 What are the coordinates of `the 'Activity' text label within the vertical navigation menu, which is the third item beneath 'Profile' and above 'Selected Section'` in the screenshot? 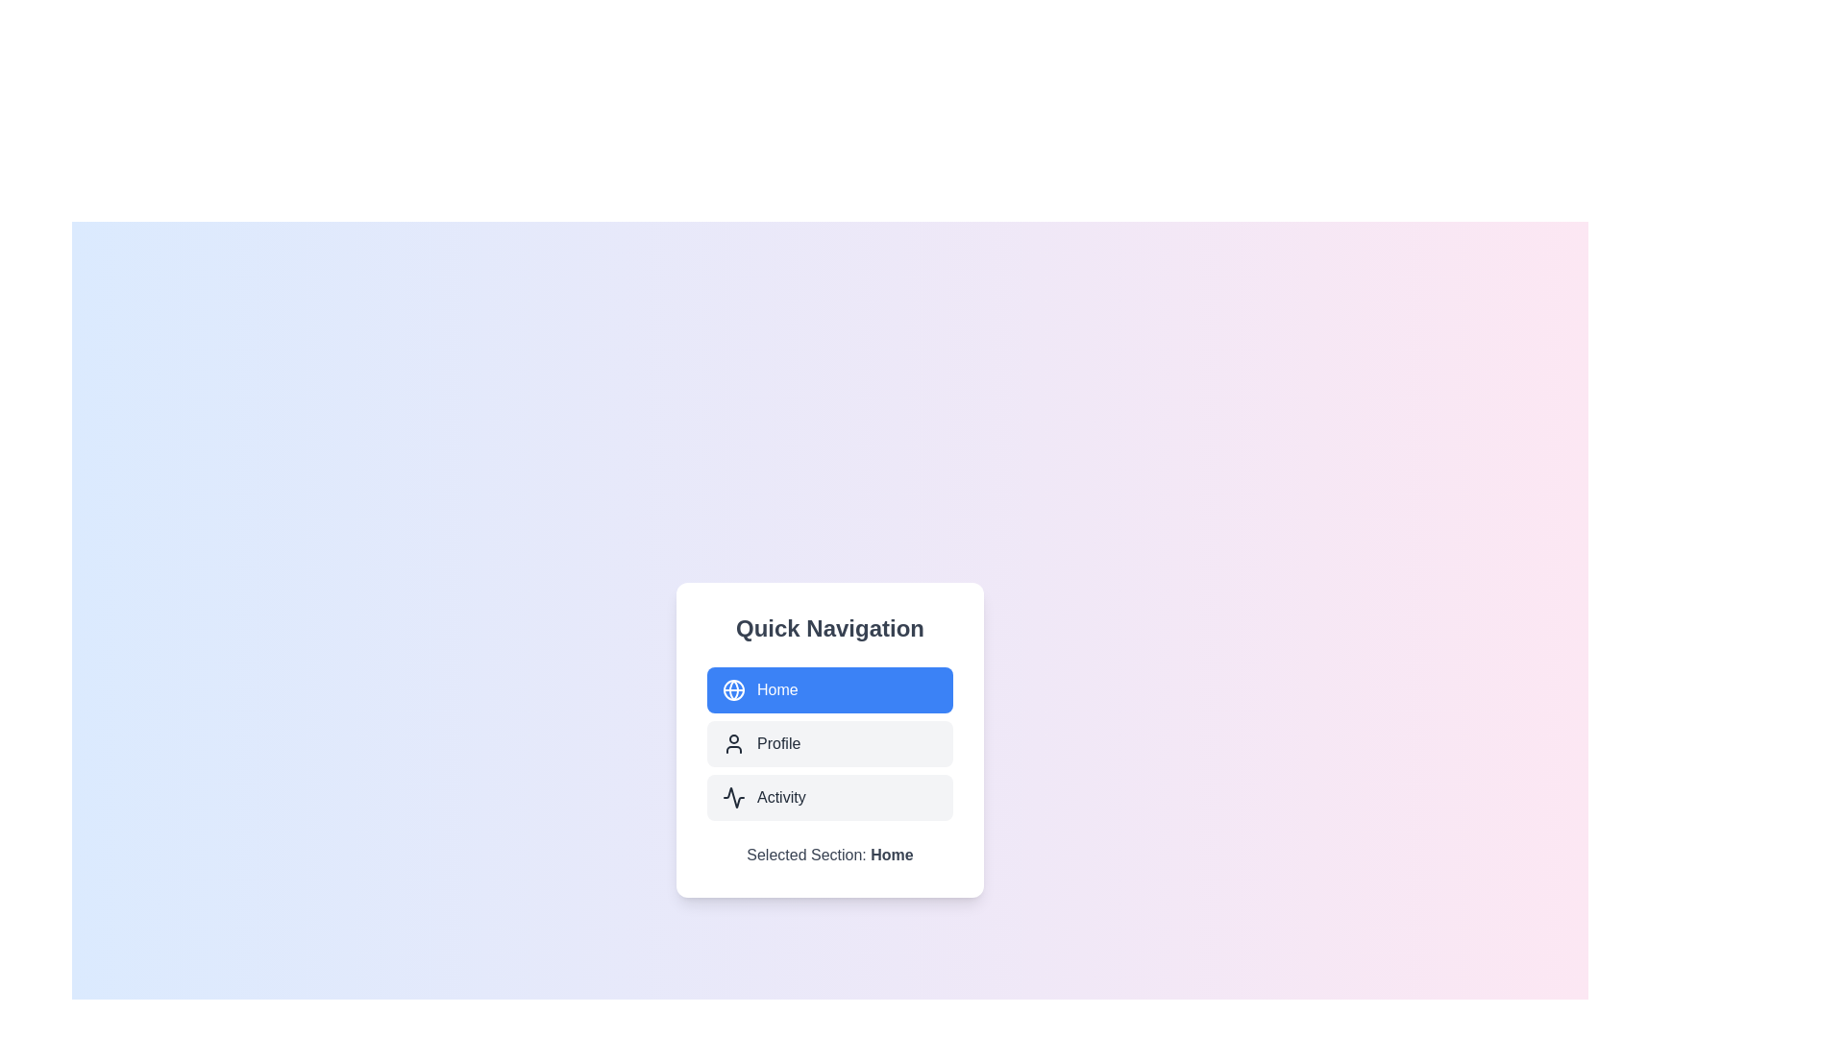 It's located at (781, 797).